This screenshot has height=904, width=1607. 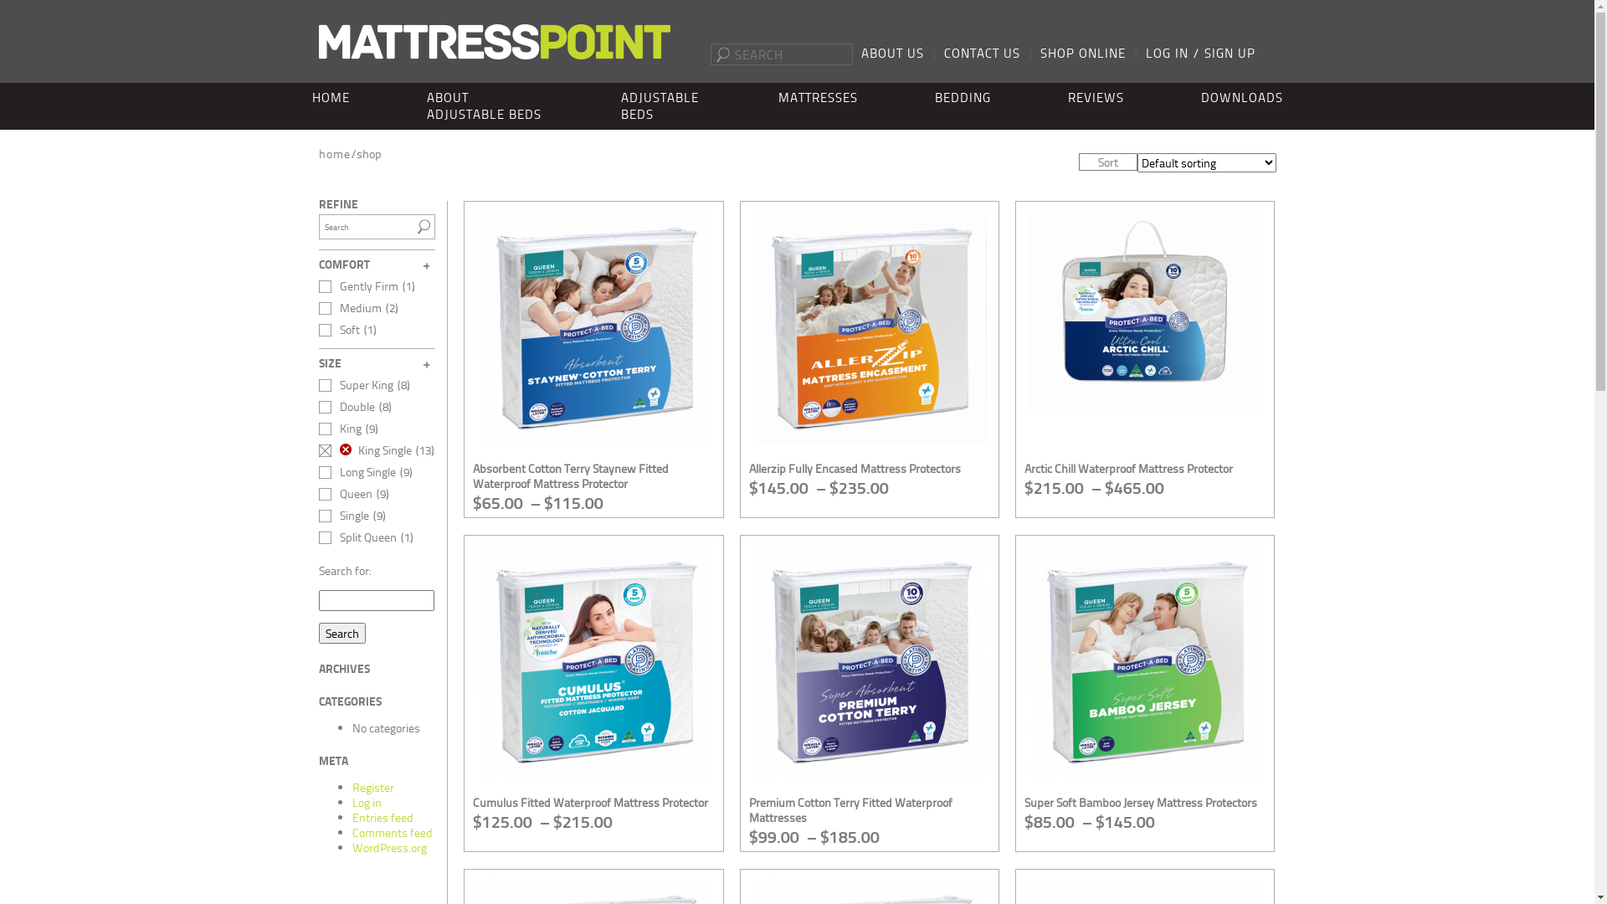 I want to click on 'Log in', so click(x=365, y=801).